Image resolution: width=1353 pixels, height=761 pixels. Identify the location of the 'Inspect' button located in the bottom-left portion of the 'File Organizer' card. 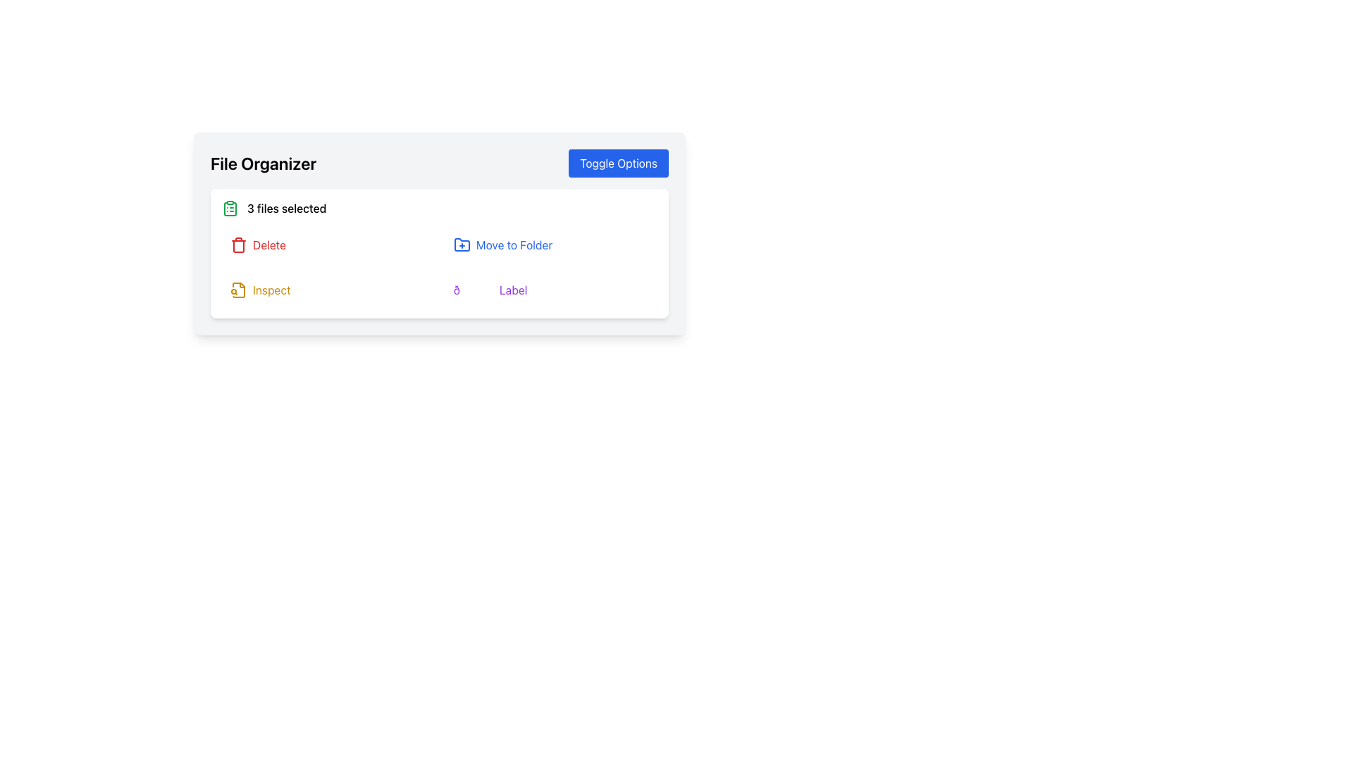
(271, 290).